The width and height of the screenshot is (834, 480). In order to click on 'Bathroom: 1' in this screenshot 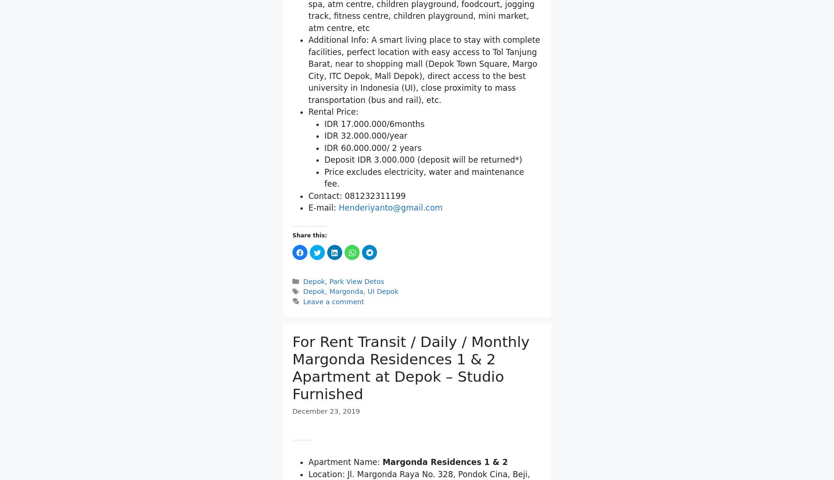, I will do `click(333, 29)`.